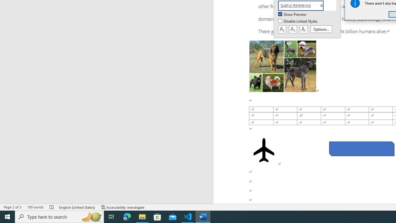 The width and height of the screenshot is (396, 223). I want to click on 'Task View', so click(111, 216).